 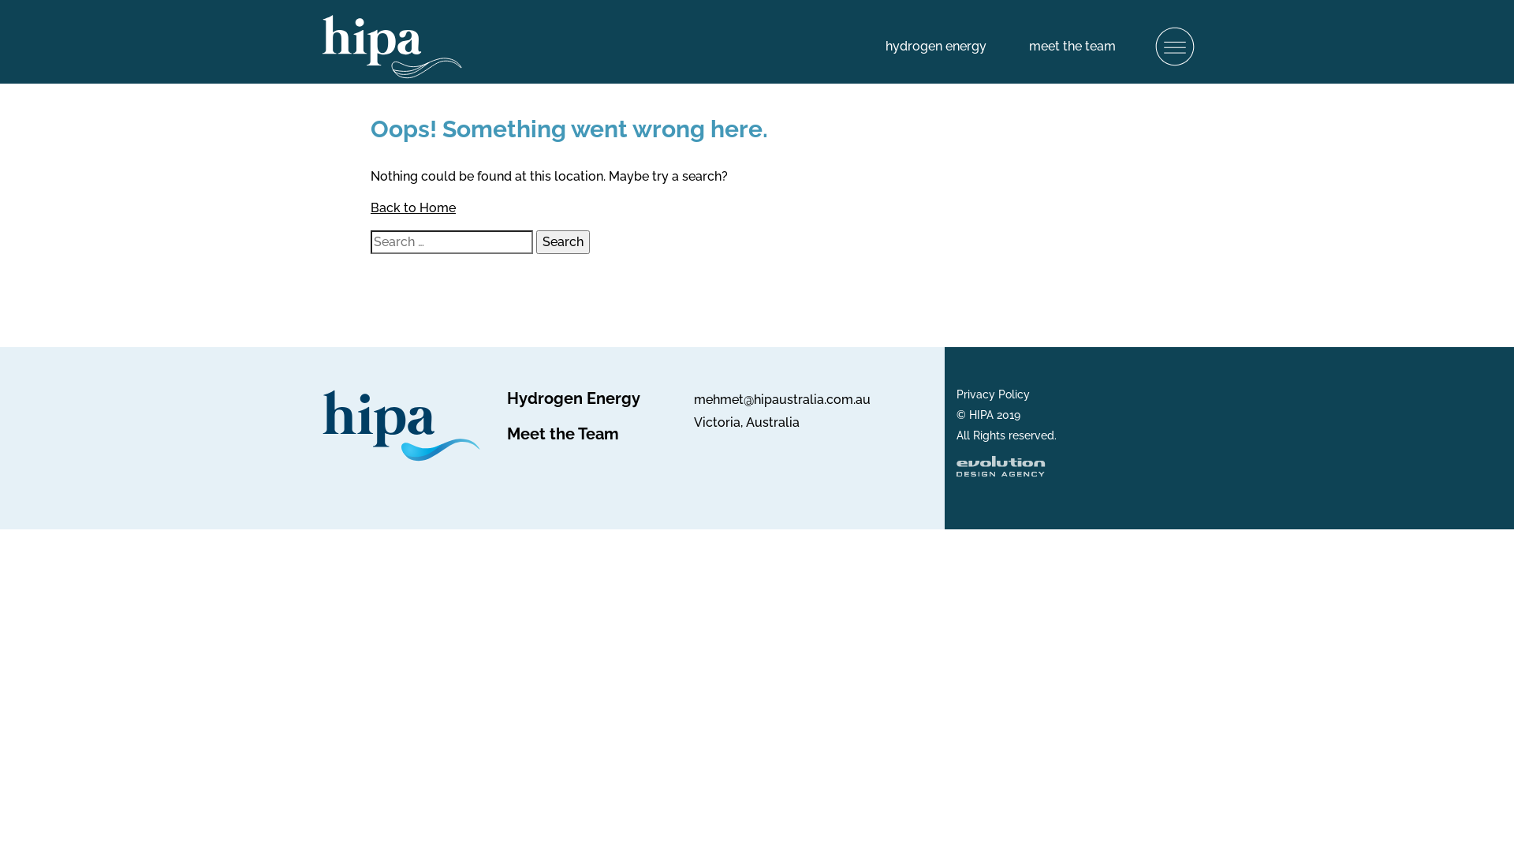 What do you see at coordinates (935, 45) in the screenshot?
I see `'hydrogen energy'` at bounding box center [935, 45].